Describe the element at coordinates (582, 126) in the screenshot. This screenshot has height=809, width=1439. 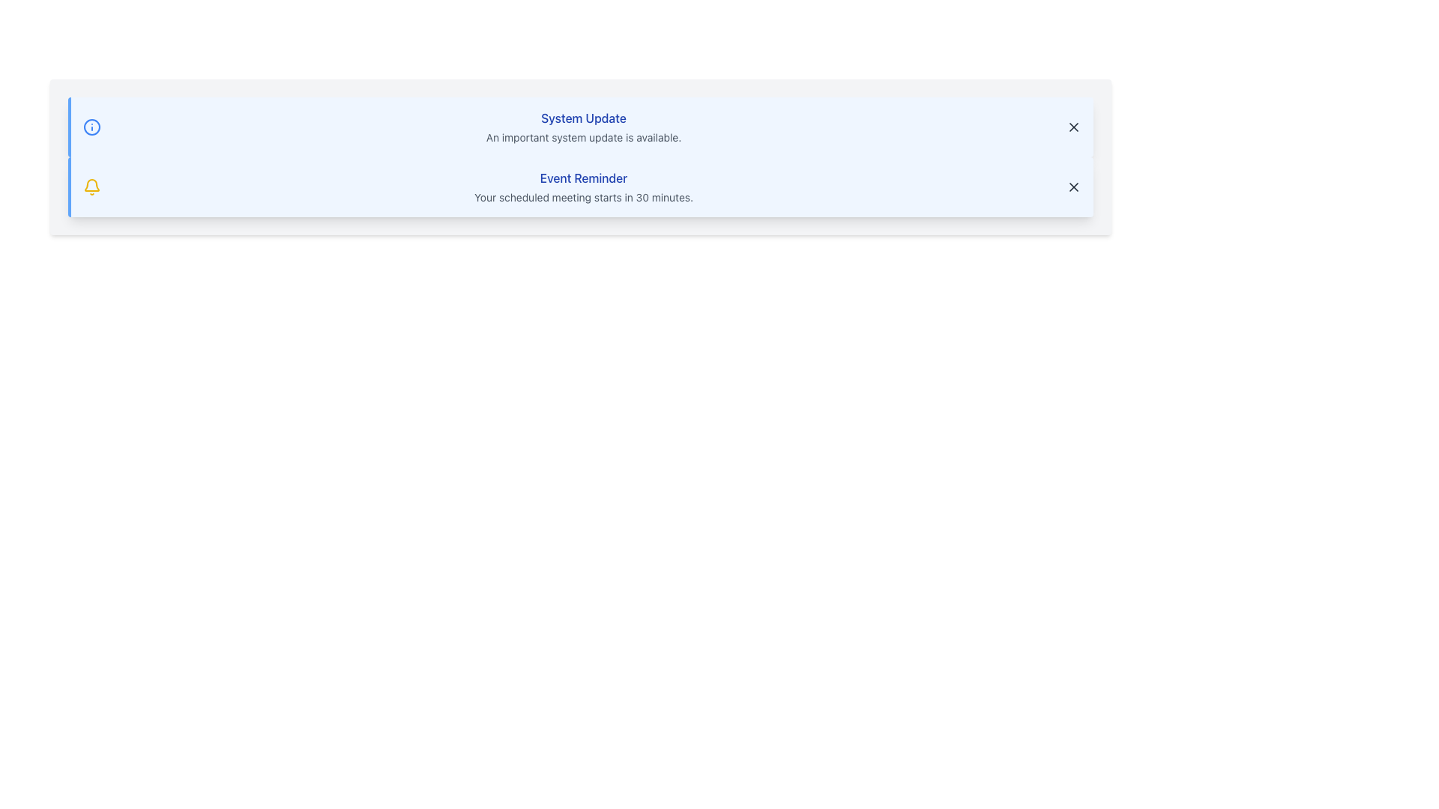
I see `the Informational Text Block titled 'System Update', which contains the message 'An important system update is available.'` at that location.